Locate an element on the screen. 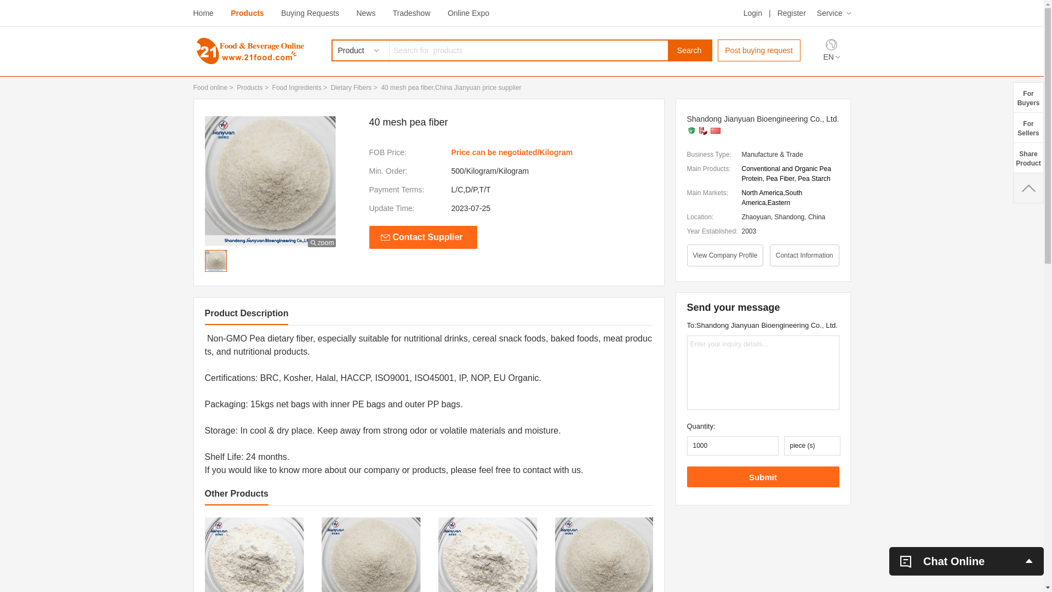 The height and width of the screenshot is (592, 1052). 'Online Expo' is located at coordinates (468, 13).